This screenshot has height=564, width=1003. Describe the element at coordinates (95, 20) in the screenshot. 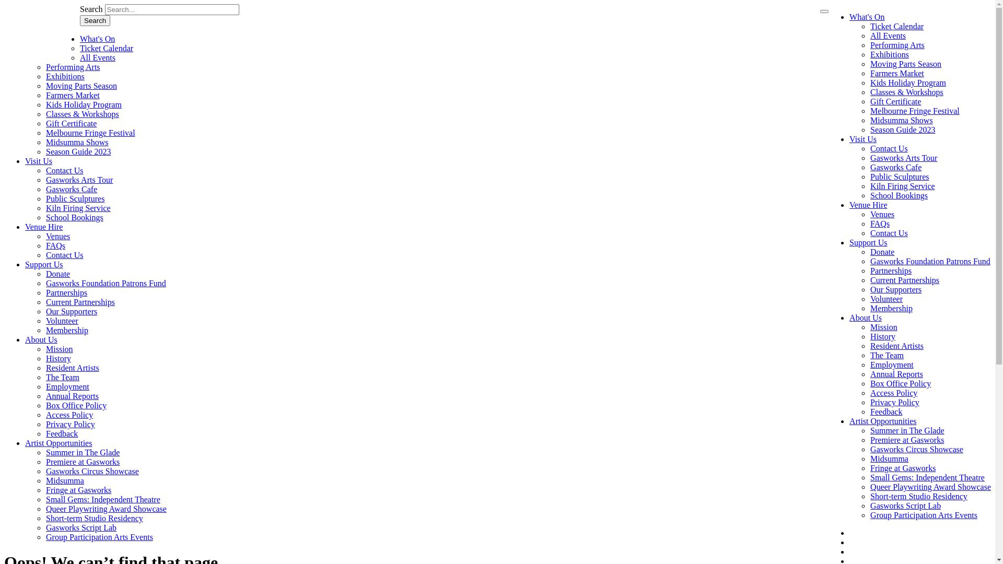

I see `'Search'` at that location.